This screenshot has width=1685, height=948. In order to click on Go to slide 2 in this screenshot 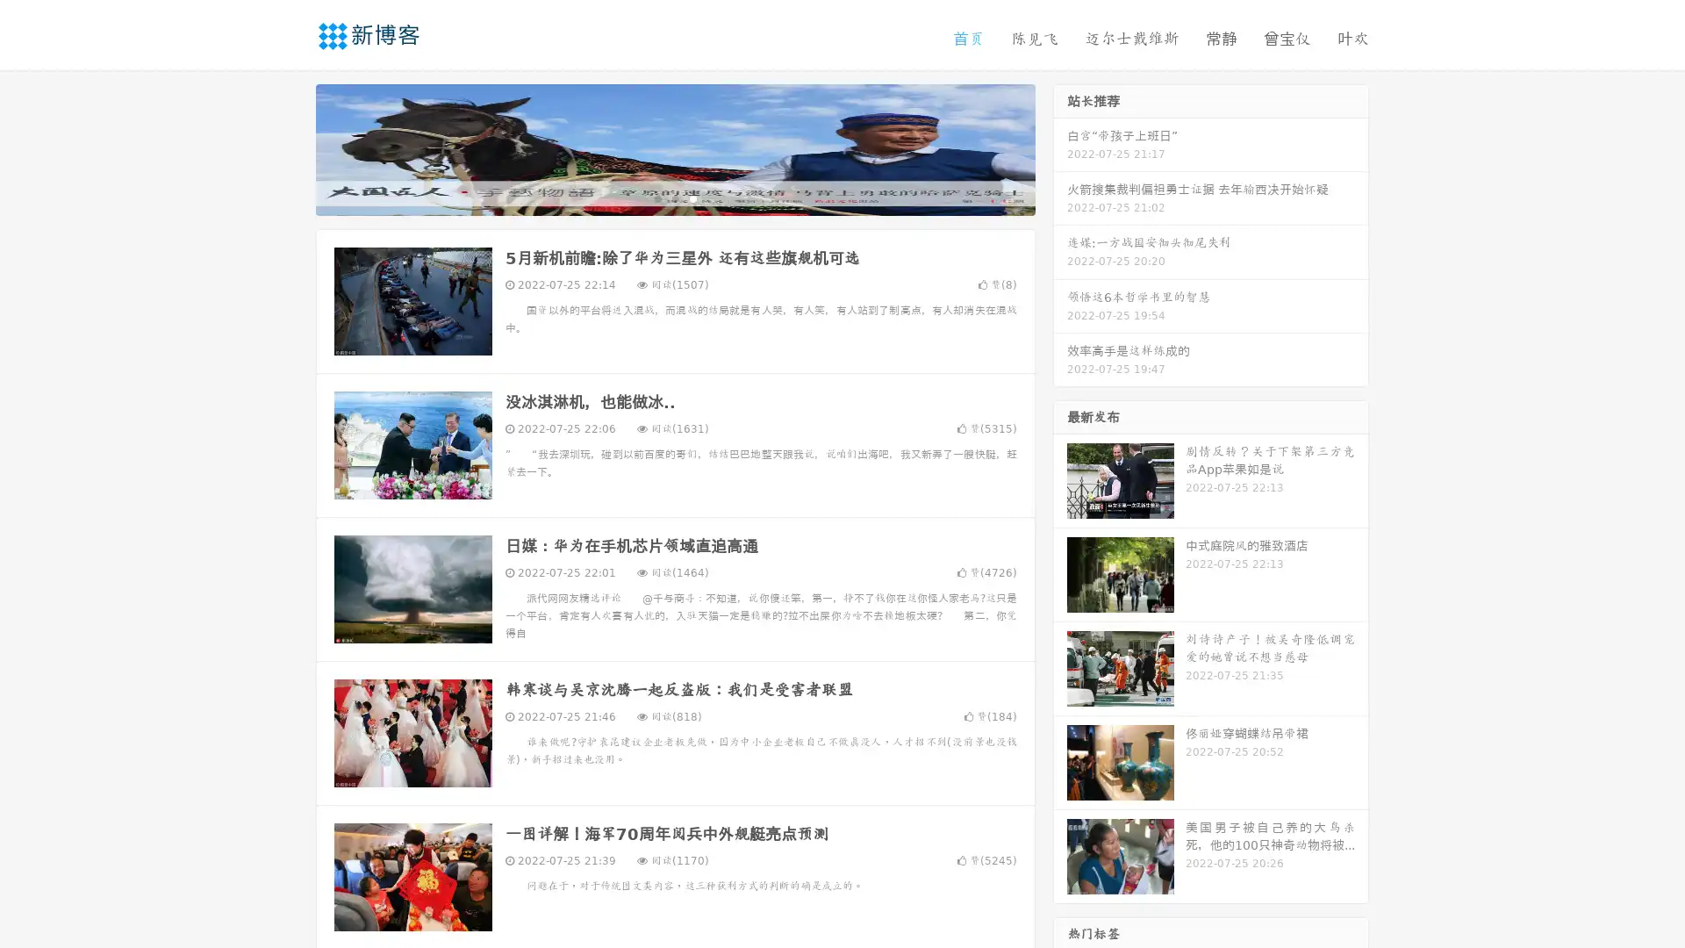, I will do `click(674, 197)`.